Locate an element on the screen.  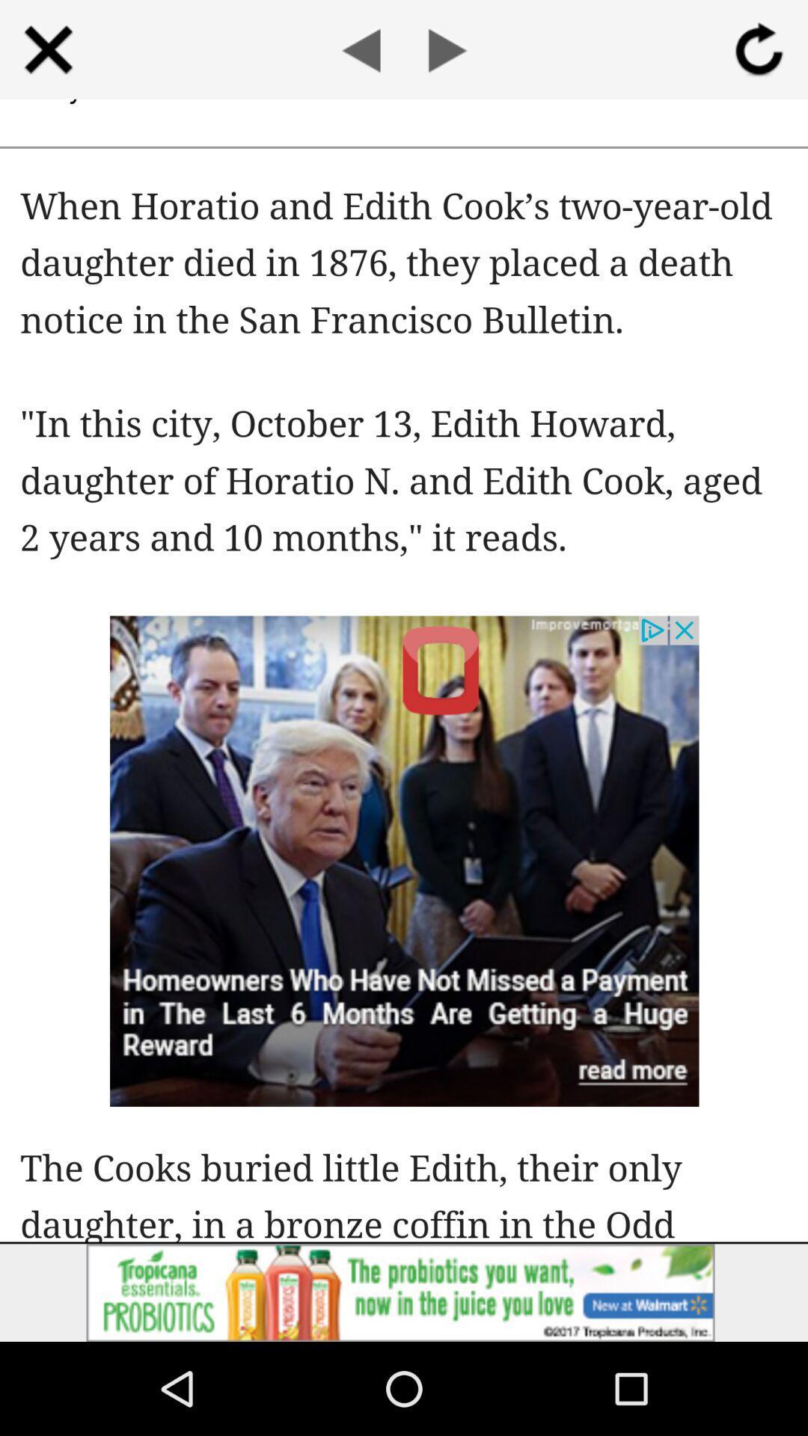
previous is located at coordinates (361, 49).